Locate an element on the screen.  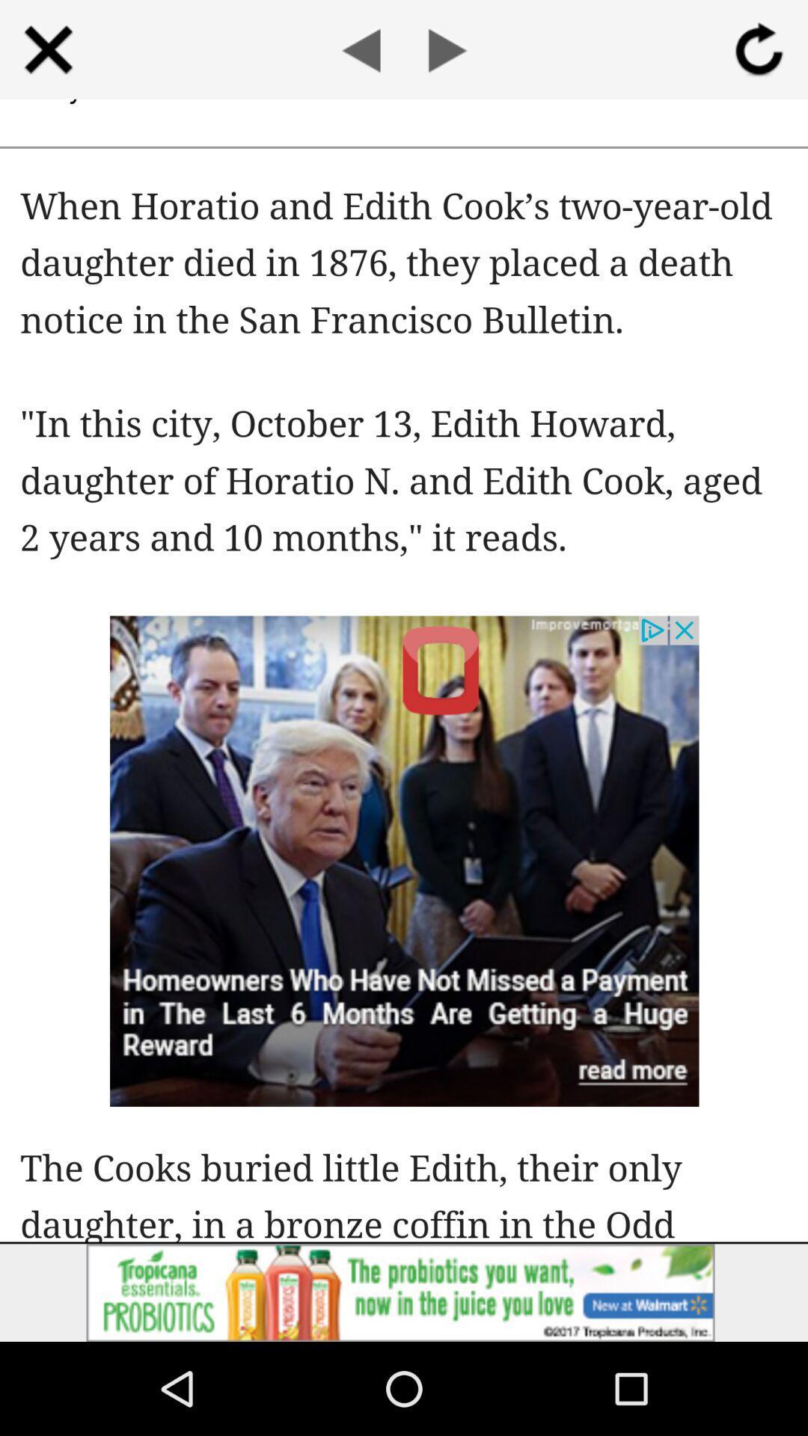
previous is located at coordinates (361, 49).